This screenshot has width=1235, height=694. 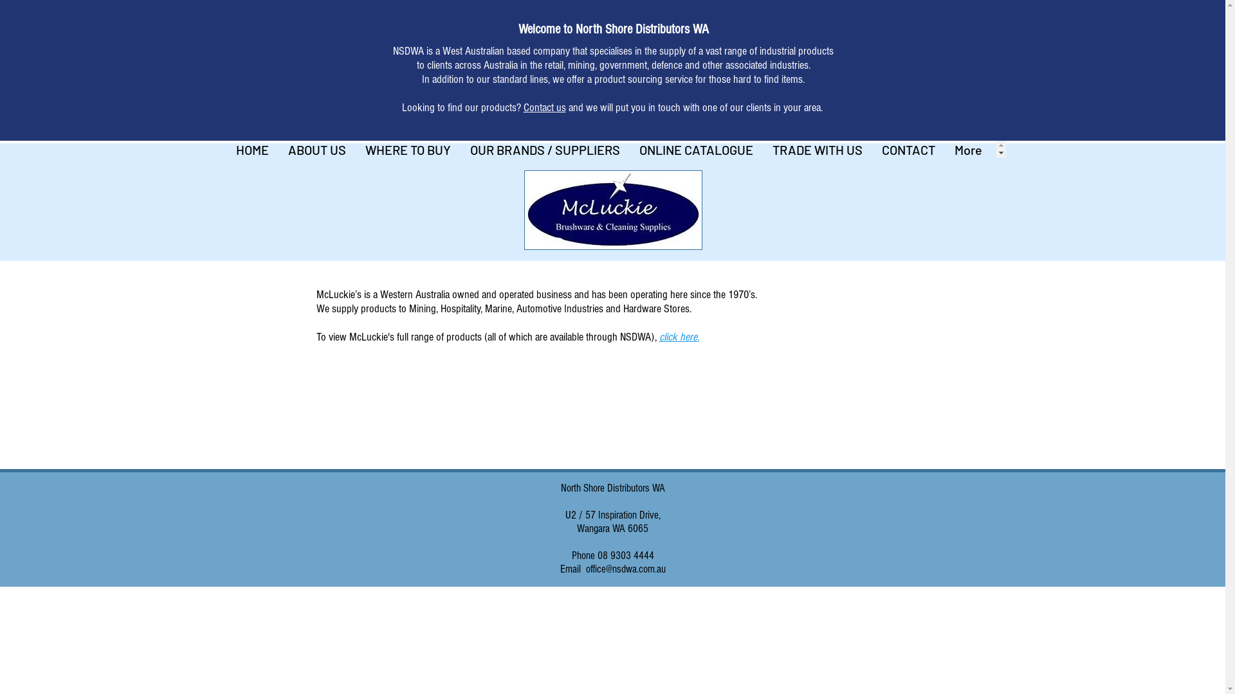 I want to click on 'click here.', so click(x=678, y=337).